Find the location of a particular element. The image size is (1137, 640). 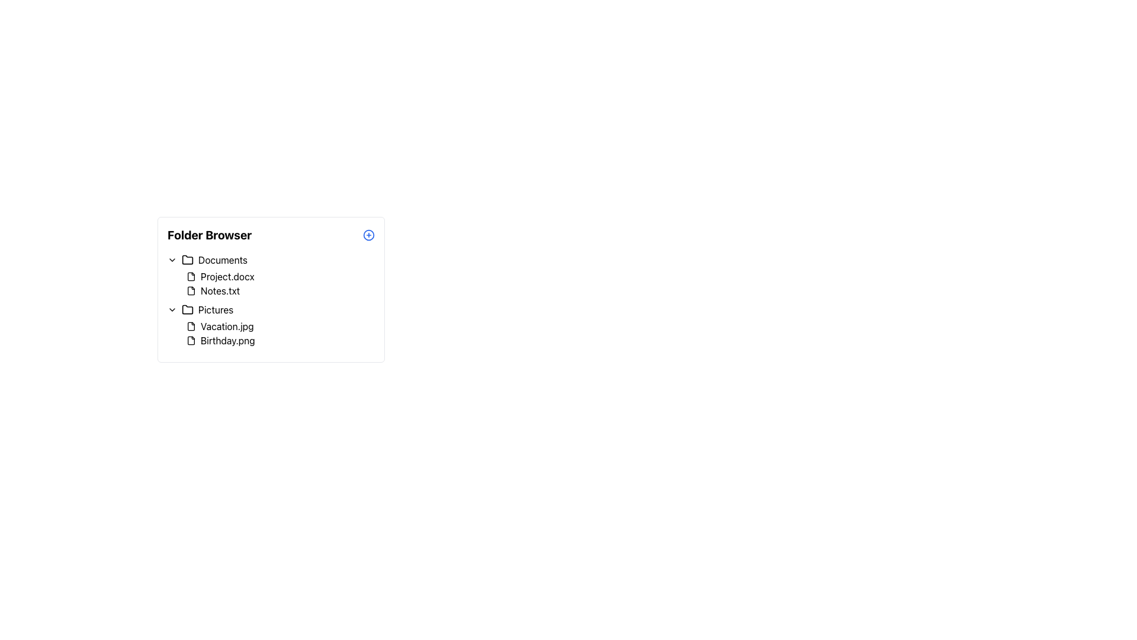

the image file type icon representing 'Vacation.jpg' in the 'Pictures' folder section of the 'Folder Browser' interface is located at coordinates (191, 327).